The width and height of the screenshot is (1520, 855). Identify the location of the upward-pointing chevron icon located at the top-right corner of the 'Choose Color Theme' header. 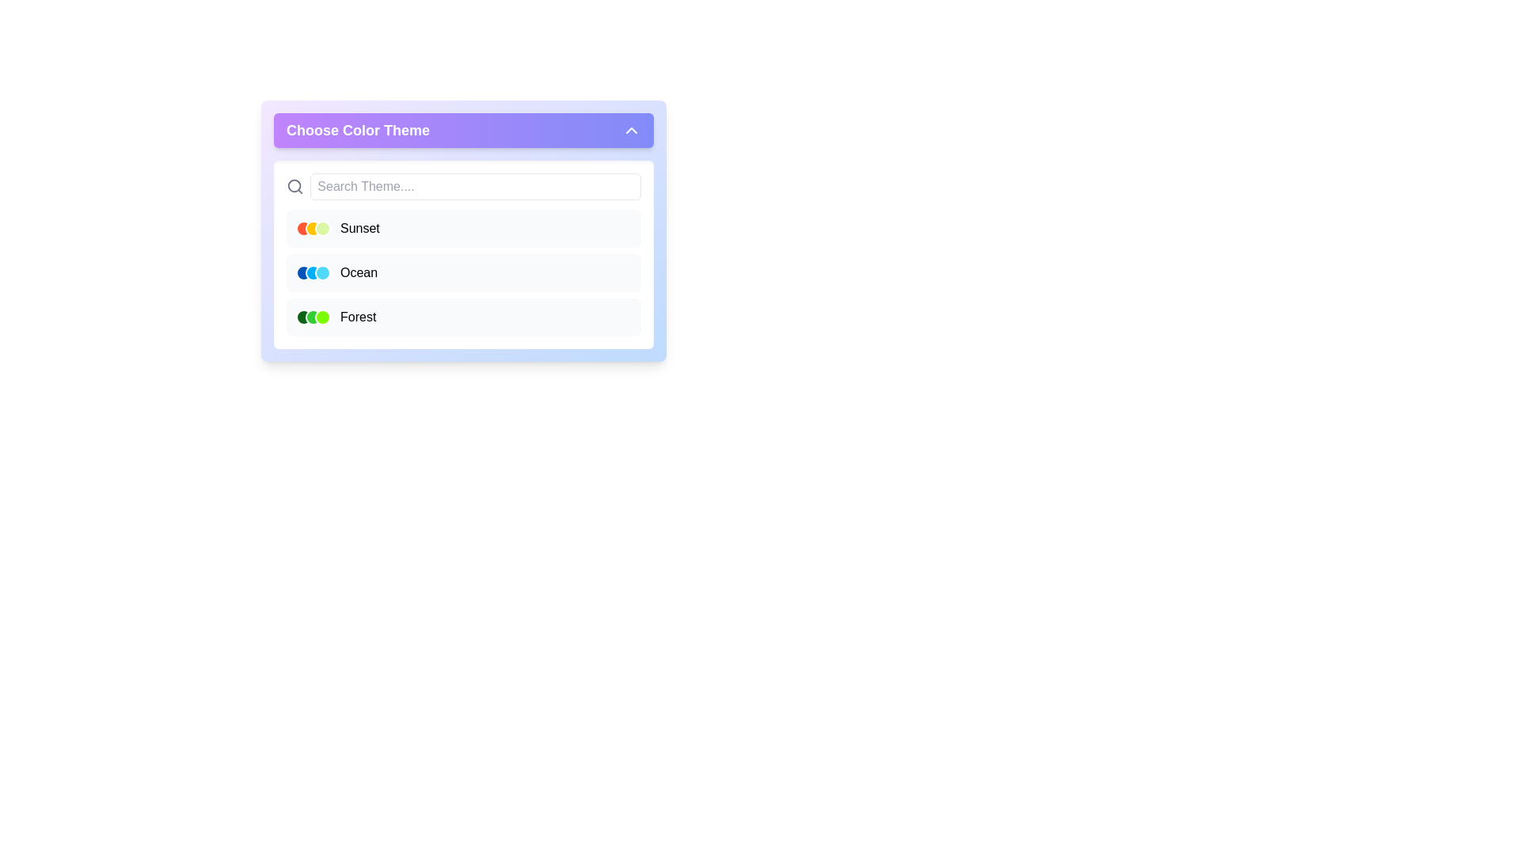
(630, 130).